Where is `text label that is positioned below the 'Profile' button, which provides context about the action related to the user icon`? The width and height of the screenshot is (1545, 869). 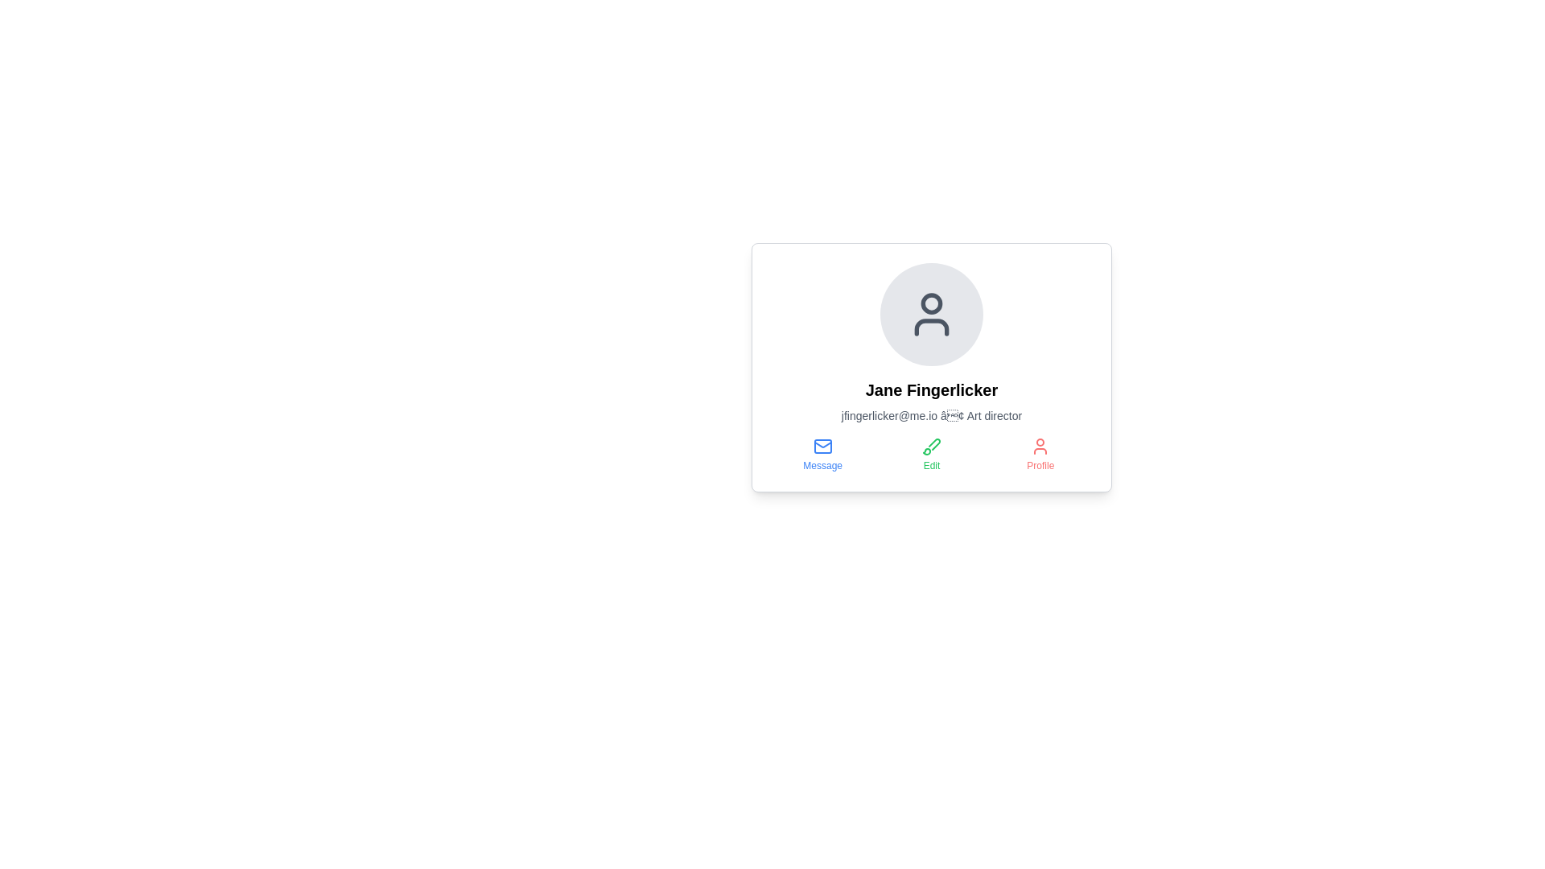
text label that is positioned below the 'Profile' button, which provides context about the action related to the user icon is located at coordinates (1040, 465).